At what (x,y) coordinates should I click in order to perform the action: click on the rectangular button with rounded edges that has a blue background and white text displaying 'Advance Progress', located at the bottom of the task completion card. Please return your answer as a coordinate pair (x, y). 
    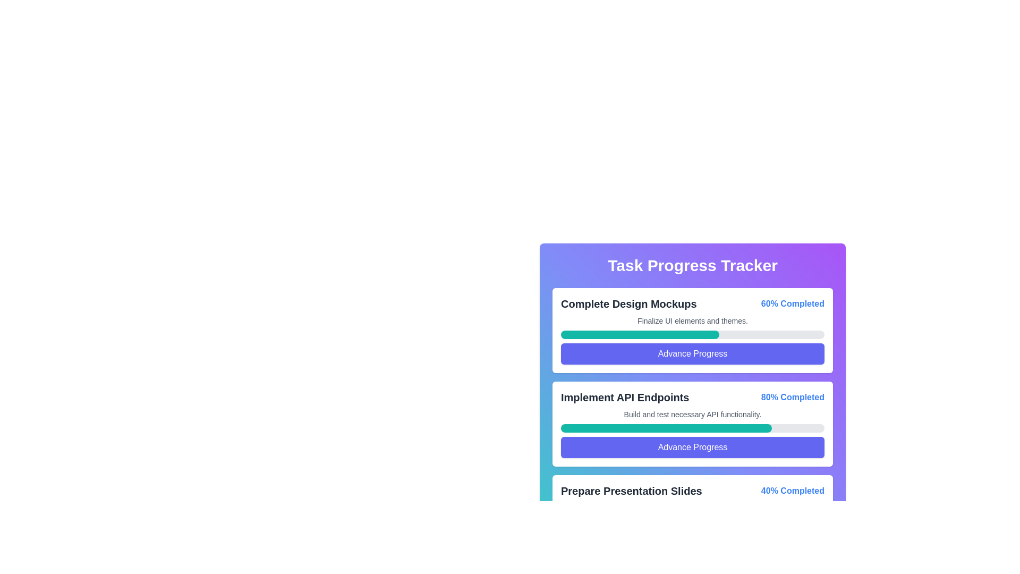
    Looking at the image, I should click on (693, 354).